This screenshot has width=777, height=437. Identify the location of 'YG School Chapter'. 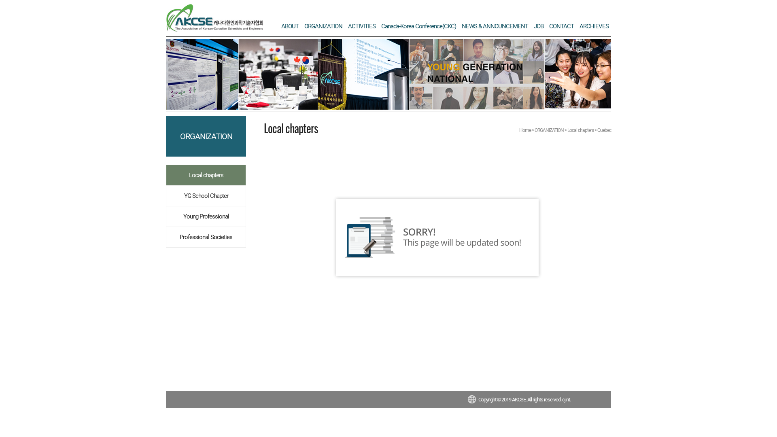
(206, 195).